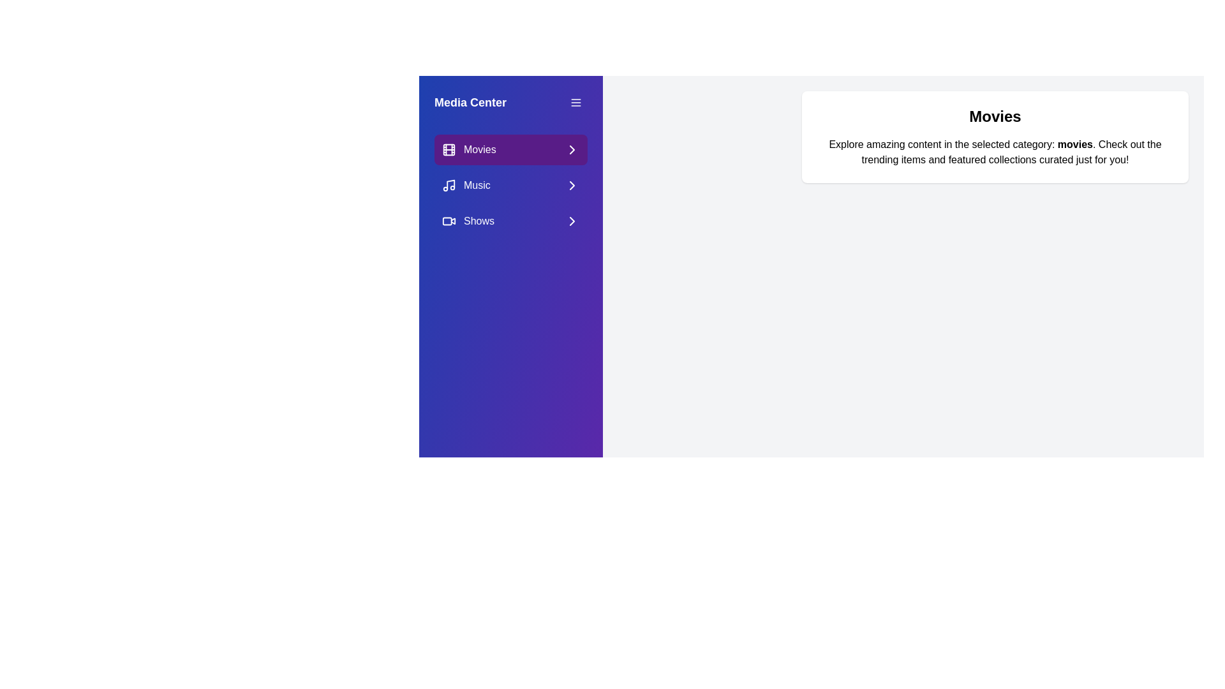  Describe the element at coordinates (450, 184) in the screenshot. I see `the musical note icon within the 'Music' menu item, which is located in the sidebar menu between the 'Movies' and 'Shows' icons` at that location.